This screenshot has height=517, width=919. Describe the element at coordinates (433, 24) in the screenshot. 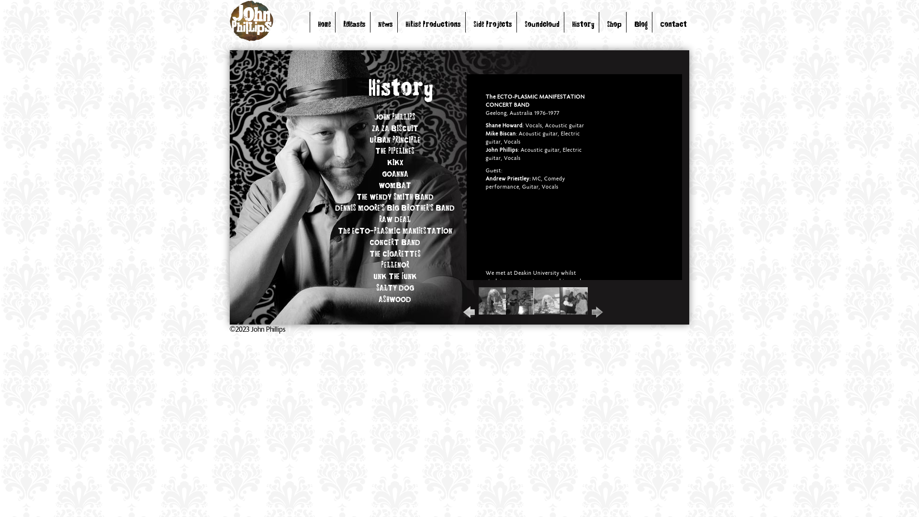

I see `'HiRise Productions'` at that location.